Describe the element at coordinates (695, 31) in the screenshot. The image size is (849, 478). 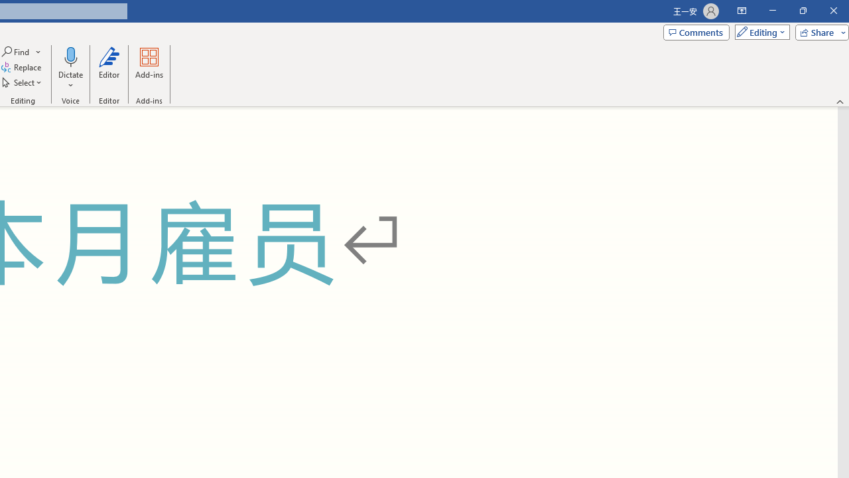
I see `'Comments'` at that location.